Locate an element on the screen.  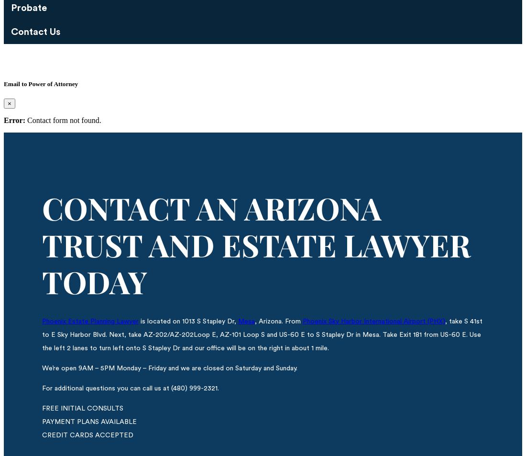
'Email to Power of Attorney' is located at coordinates (41, 83).